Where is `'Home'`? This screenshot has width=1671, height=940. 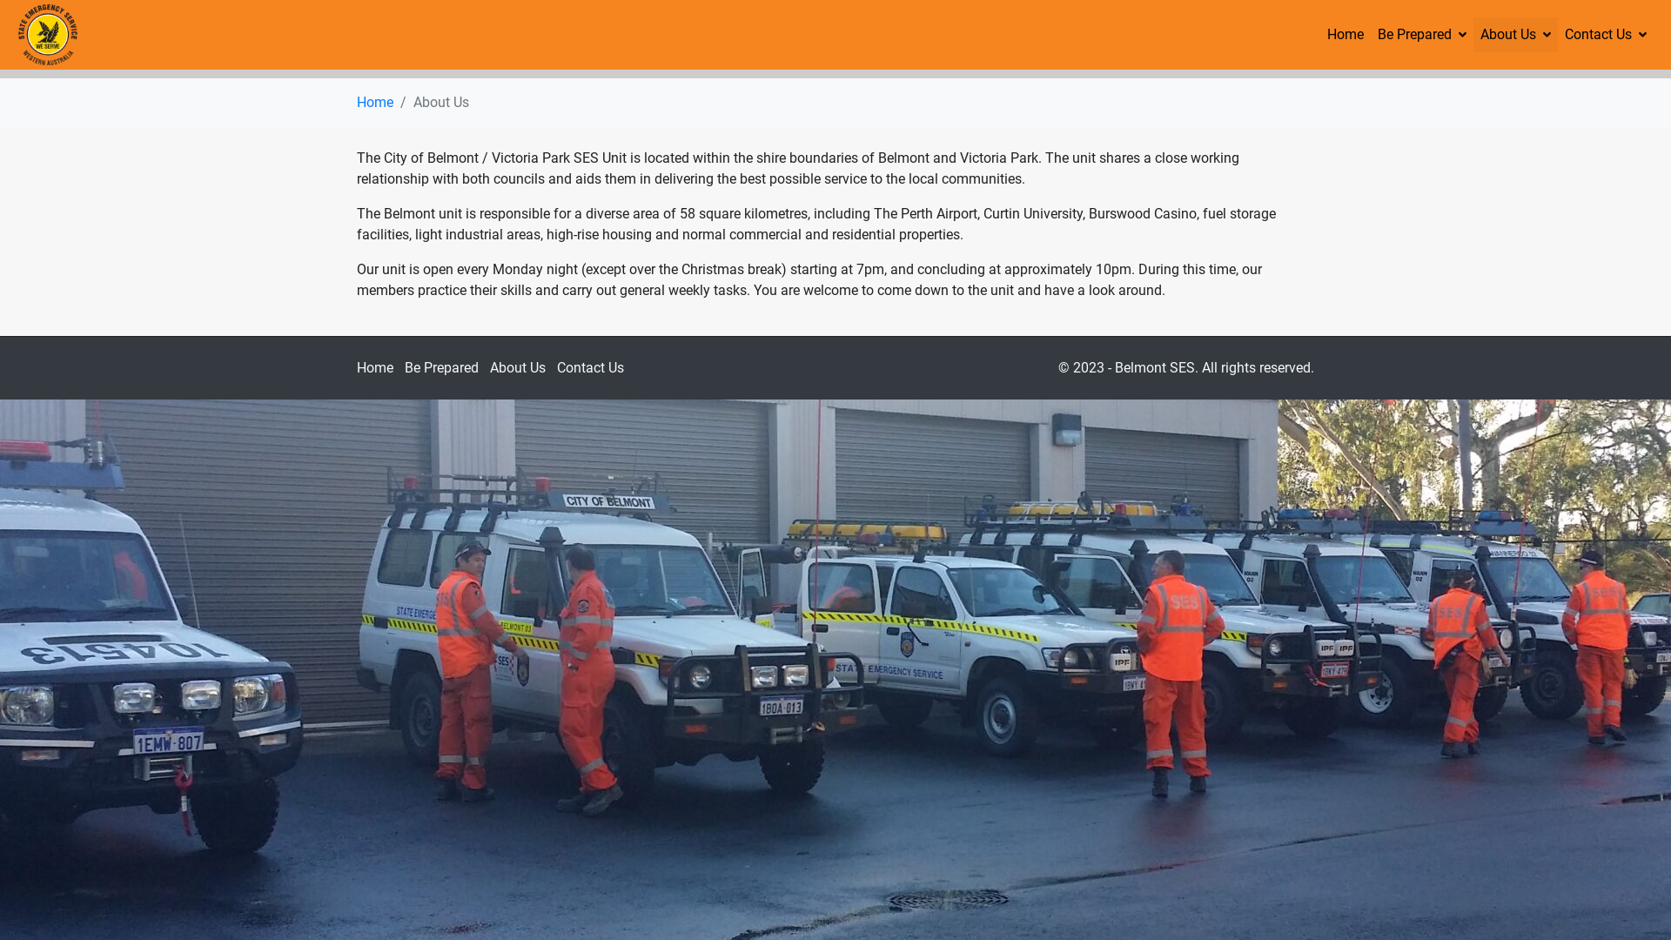
'Home' is located at coordinates (355, 102).